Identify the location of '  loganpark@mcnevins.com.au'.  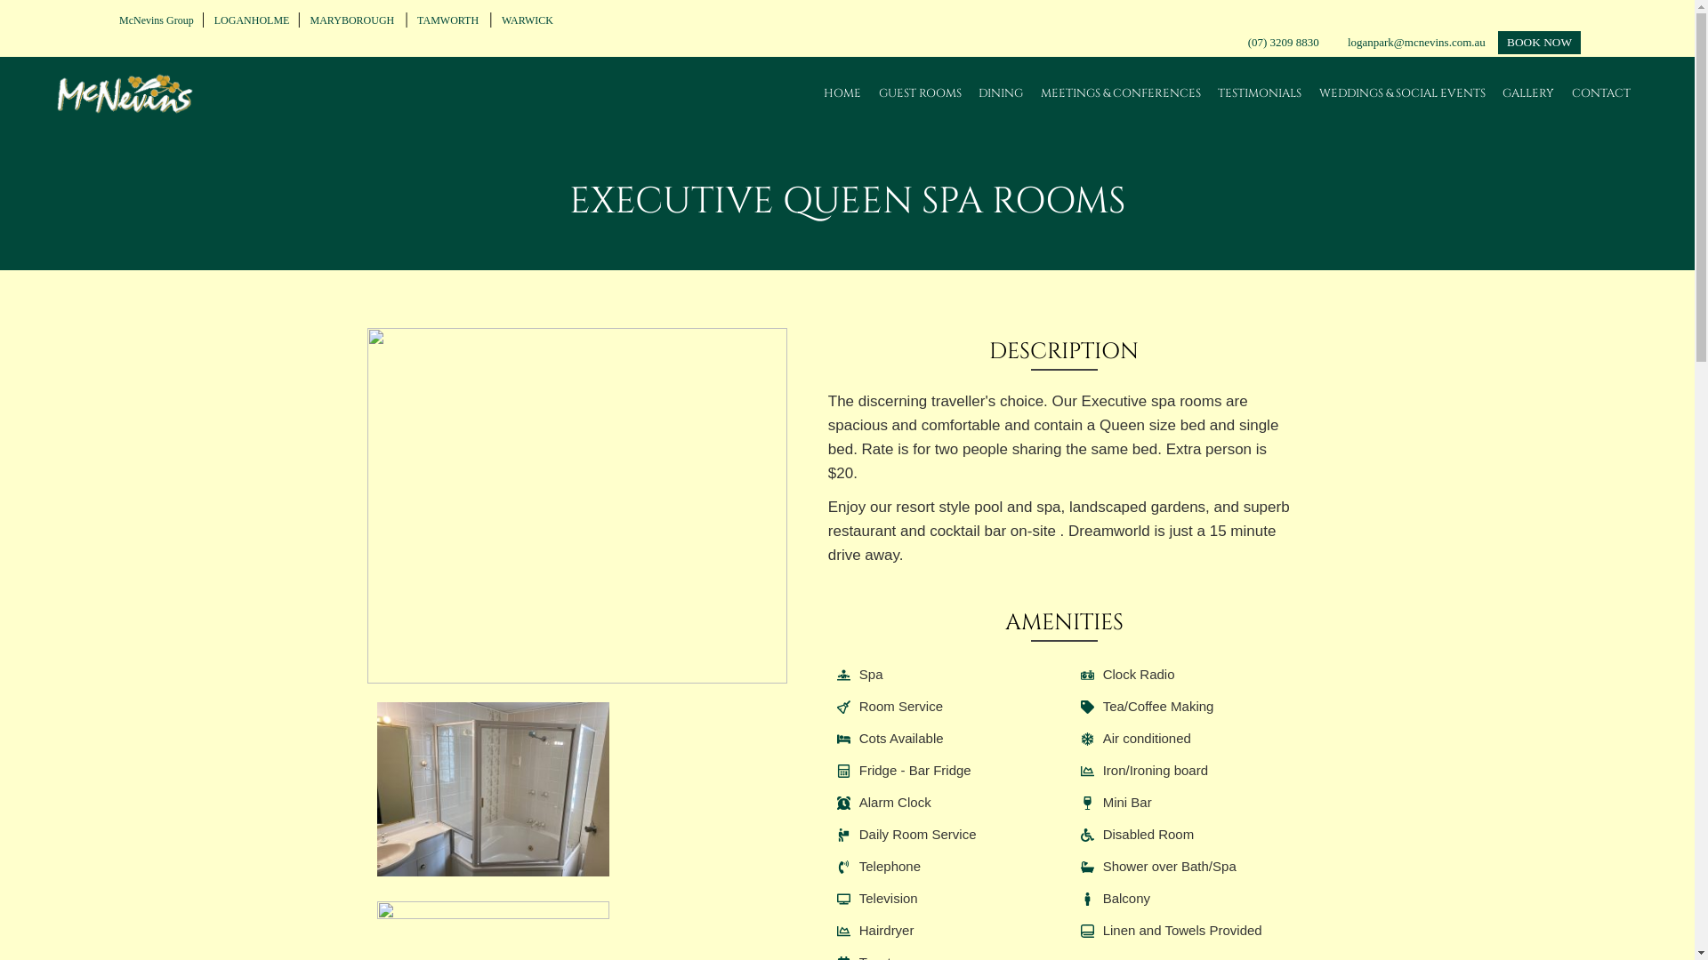
(1414, 41).